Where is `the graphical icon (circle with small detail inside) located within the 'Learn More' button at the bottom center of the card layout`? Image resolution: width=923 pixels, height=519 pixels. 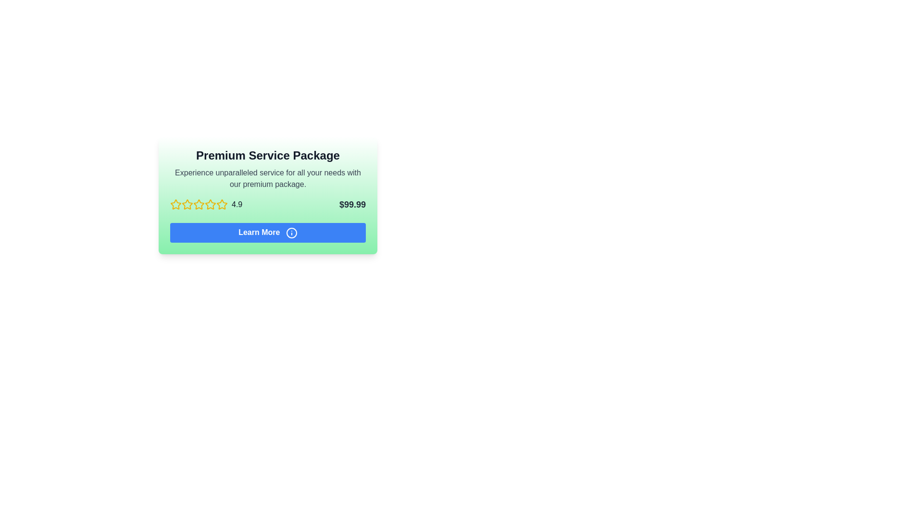
the graphical icon (circle with small detail inside) located within the 'Learn More' button at the bottom center of the card layout is located at coordinates (291, 233).